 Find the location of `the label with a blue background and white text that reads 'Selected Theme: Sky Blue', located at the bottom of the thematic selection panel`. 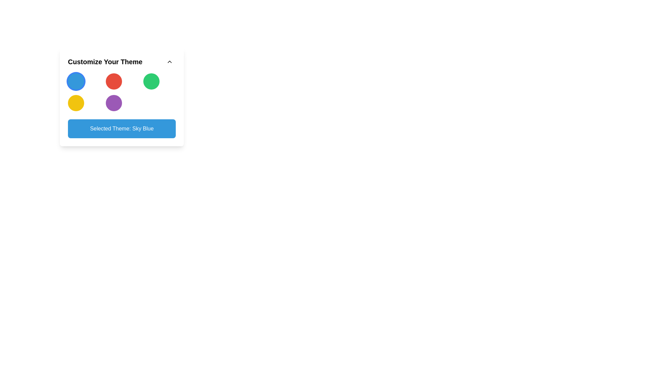

the label with a blue background and white text that reads 'Selected Theme: Sky Blue', located at the bottom of the thematic selection panel is located at coordinates (122, 129).